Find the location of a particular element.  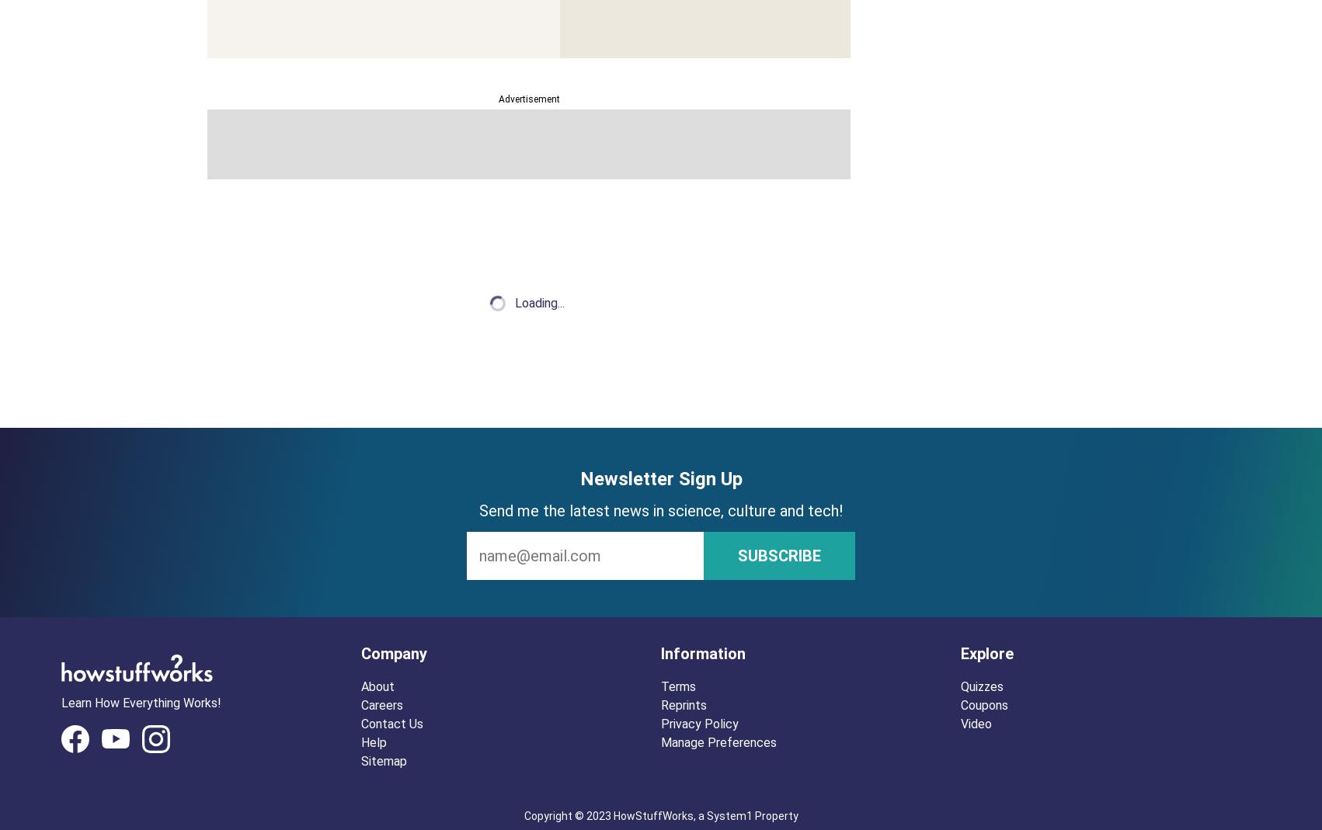

'Advertisement' is located at coordinates (528, 101).